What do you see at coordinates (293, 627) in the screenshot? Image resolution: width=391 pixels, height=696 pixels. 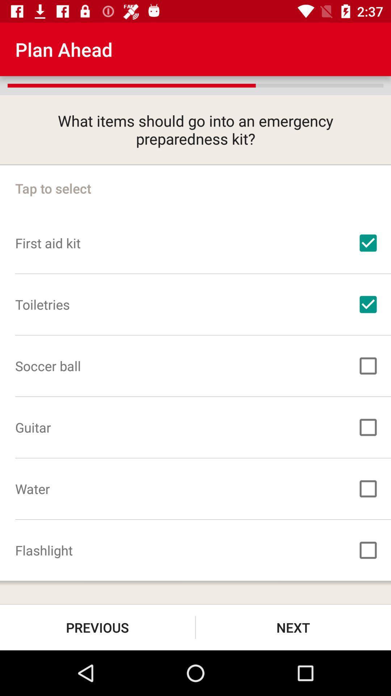 I see `the next icon` at bounding box center [293, 627].